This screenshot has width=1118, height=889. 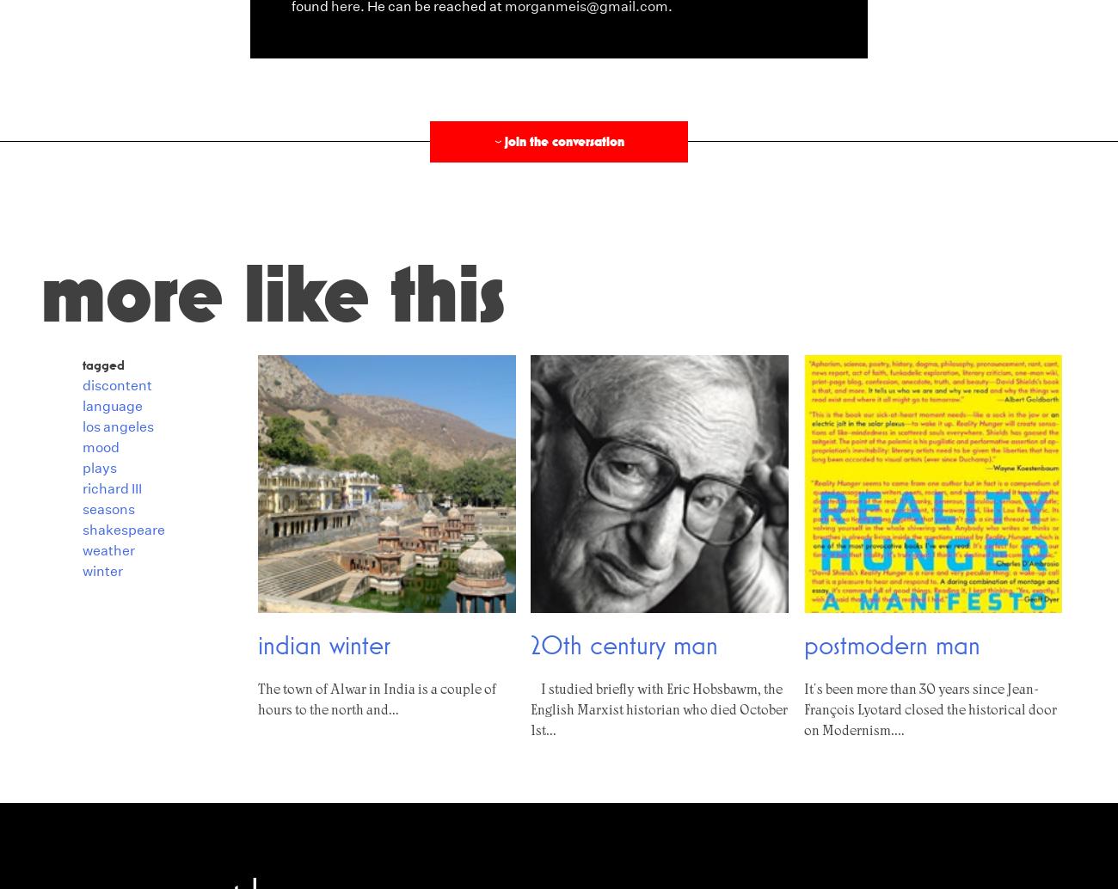 What do you see at coordinates (561, 140) in the screenshot?
I see `'Join the conversation'` at bounding box center [561, 140].